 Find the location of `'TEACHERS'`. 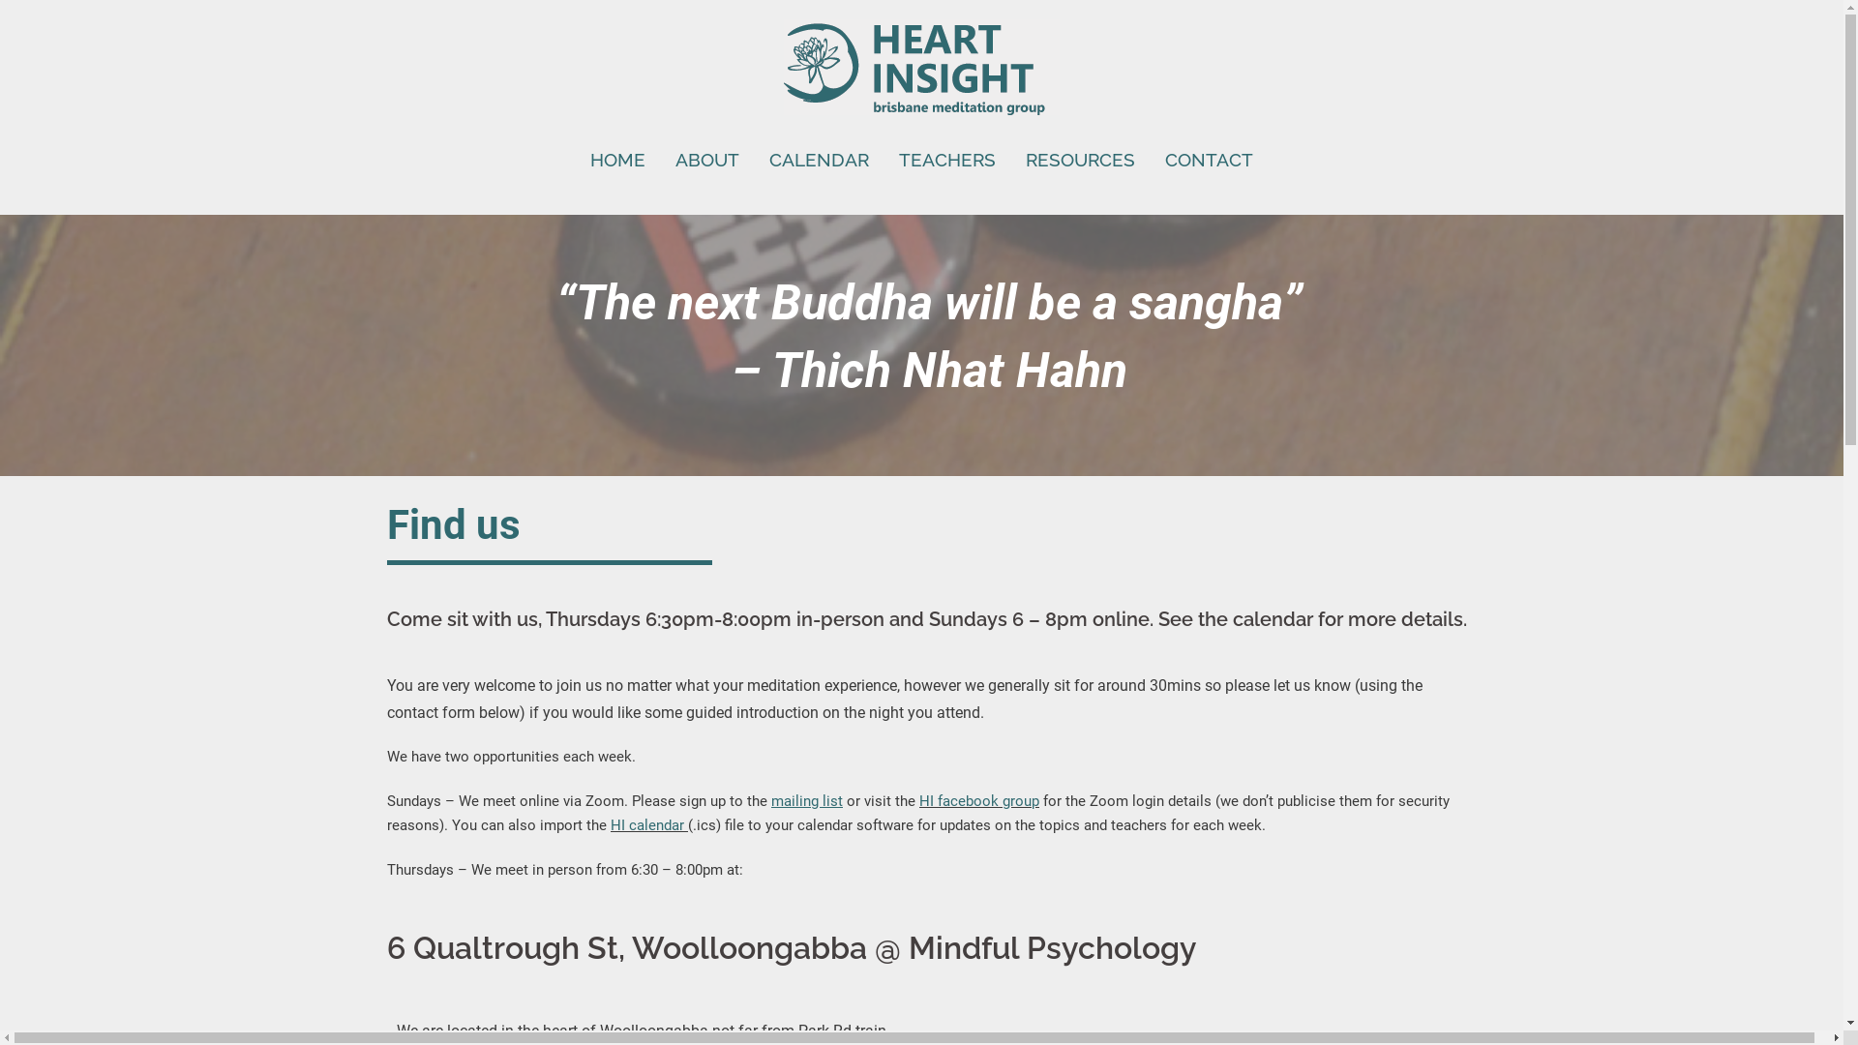

'TEACHERS' is located at coordinates (898, 159).